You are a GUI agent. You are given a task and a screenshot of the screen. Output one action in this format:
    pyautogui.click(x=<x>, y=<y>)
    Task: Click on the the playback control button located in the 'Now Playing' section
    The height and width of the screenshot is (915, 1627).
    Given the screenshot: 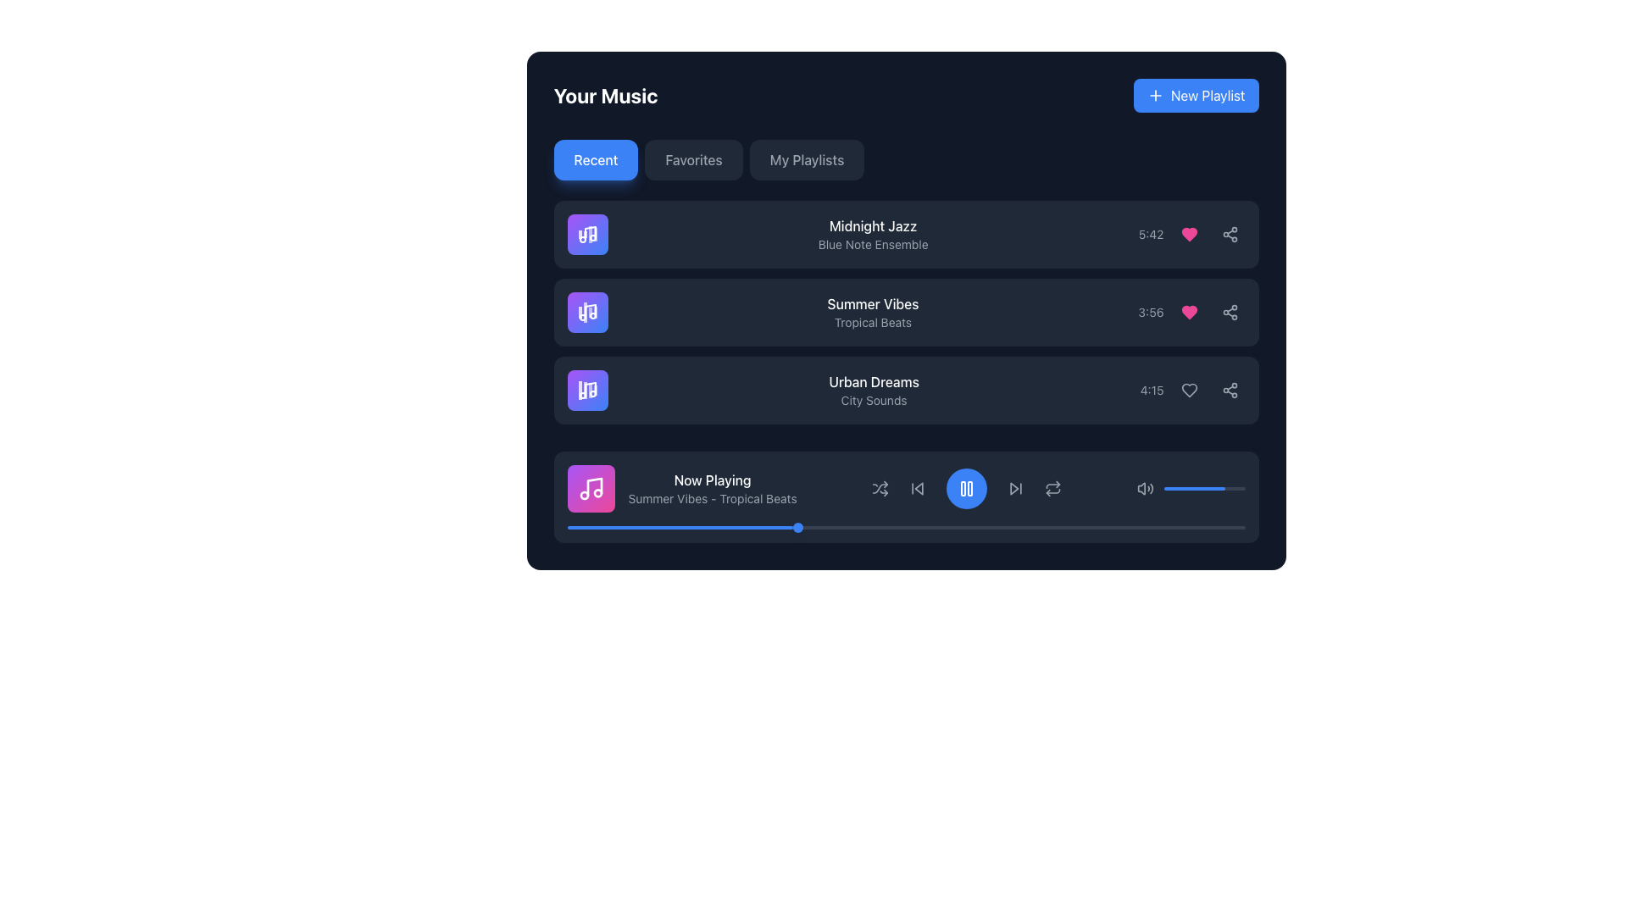 What is the action you would take?
    pyautogui.click(x=967, y=489)
    